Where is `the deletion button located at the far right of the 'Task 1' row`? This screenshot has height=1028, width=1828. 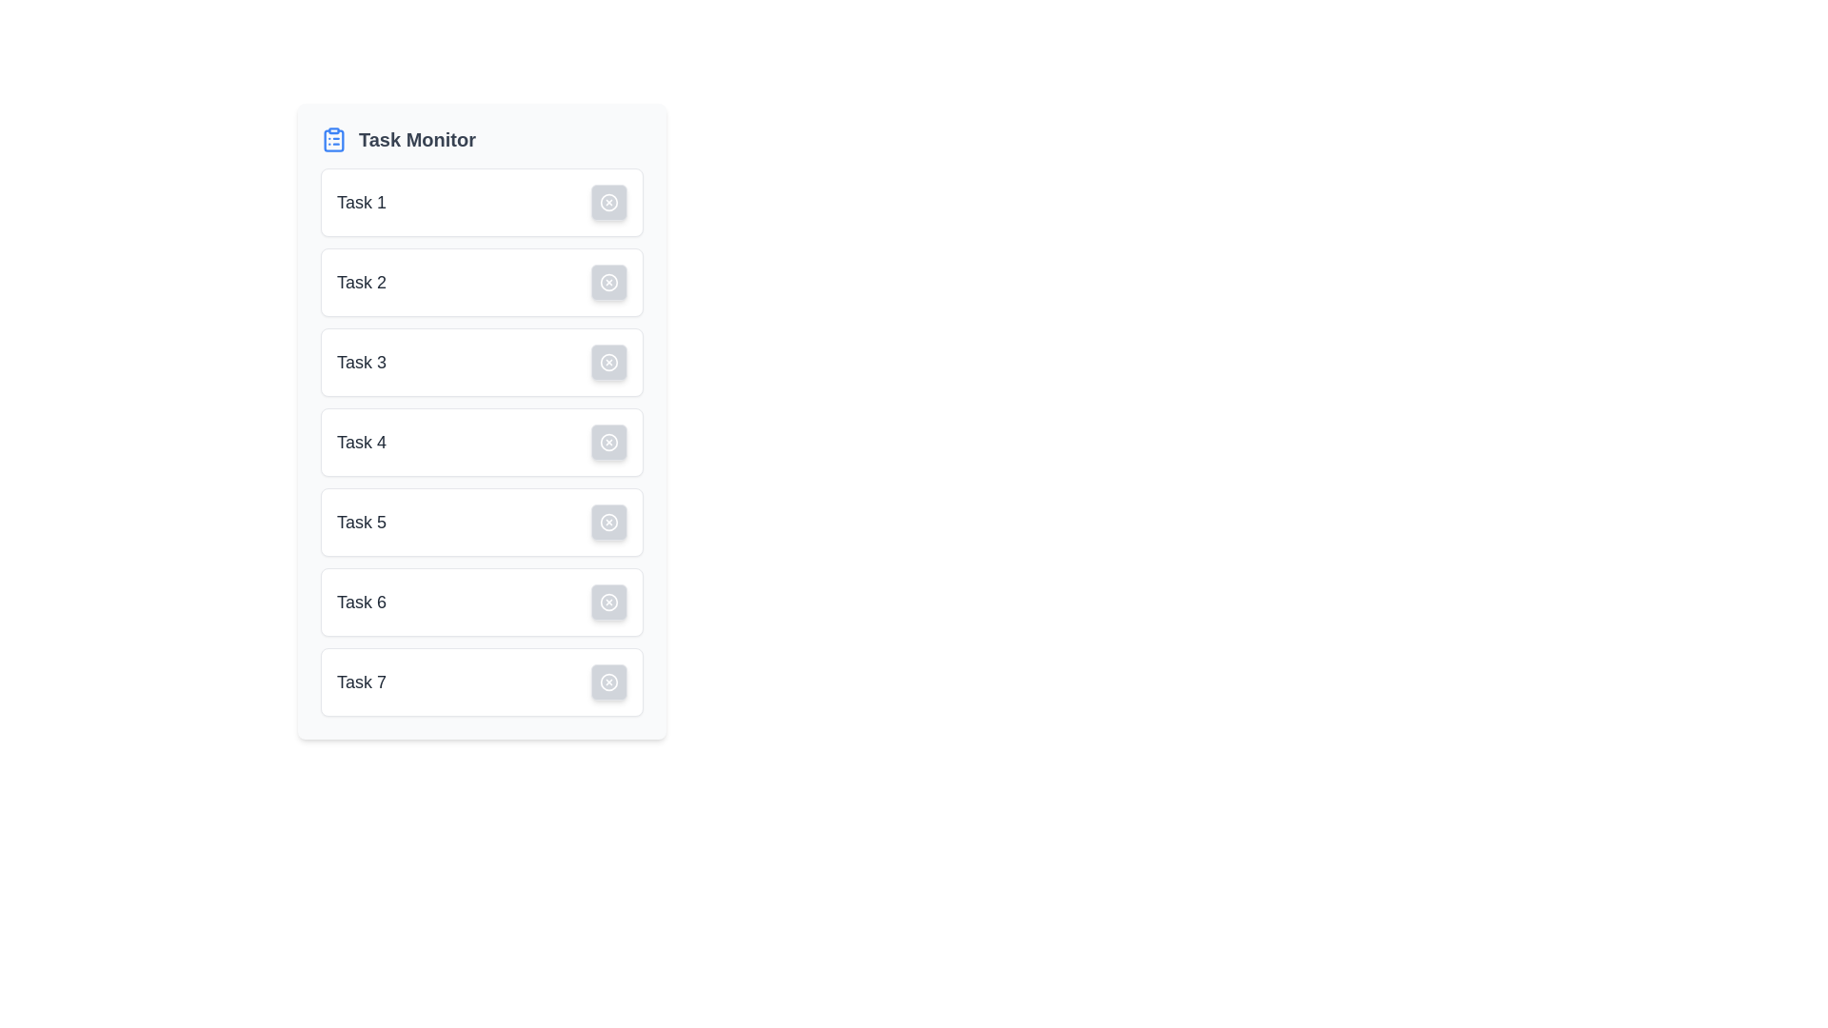
the deletion button located at the far right of the 'Task 1' row is located at coordinates (607, 202).